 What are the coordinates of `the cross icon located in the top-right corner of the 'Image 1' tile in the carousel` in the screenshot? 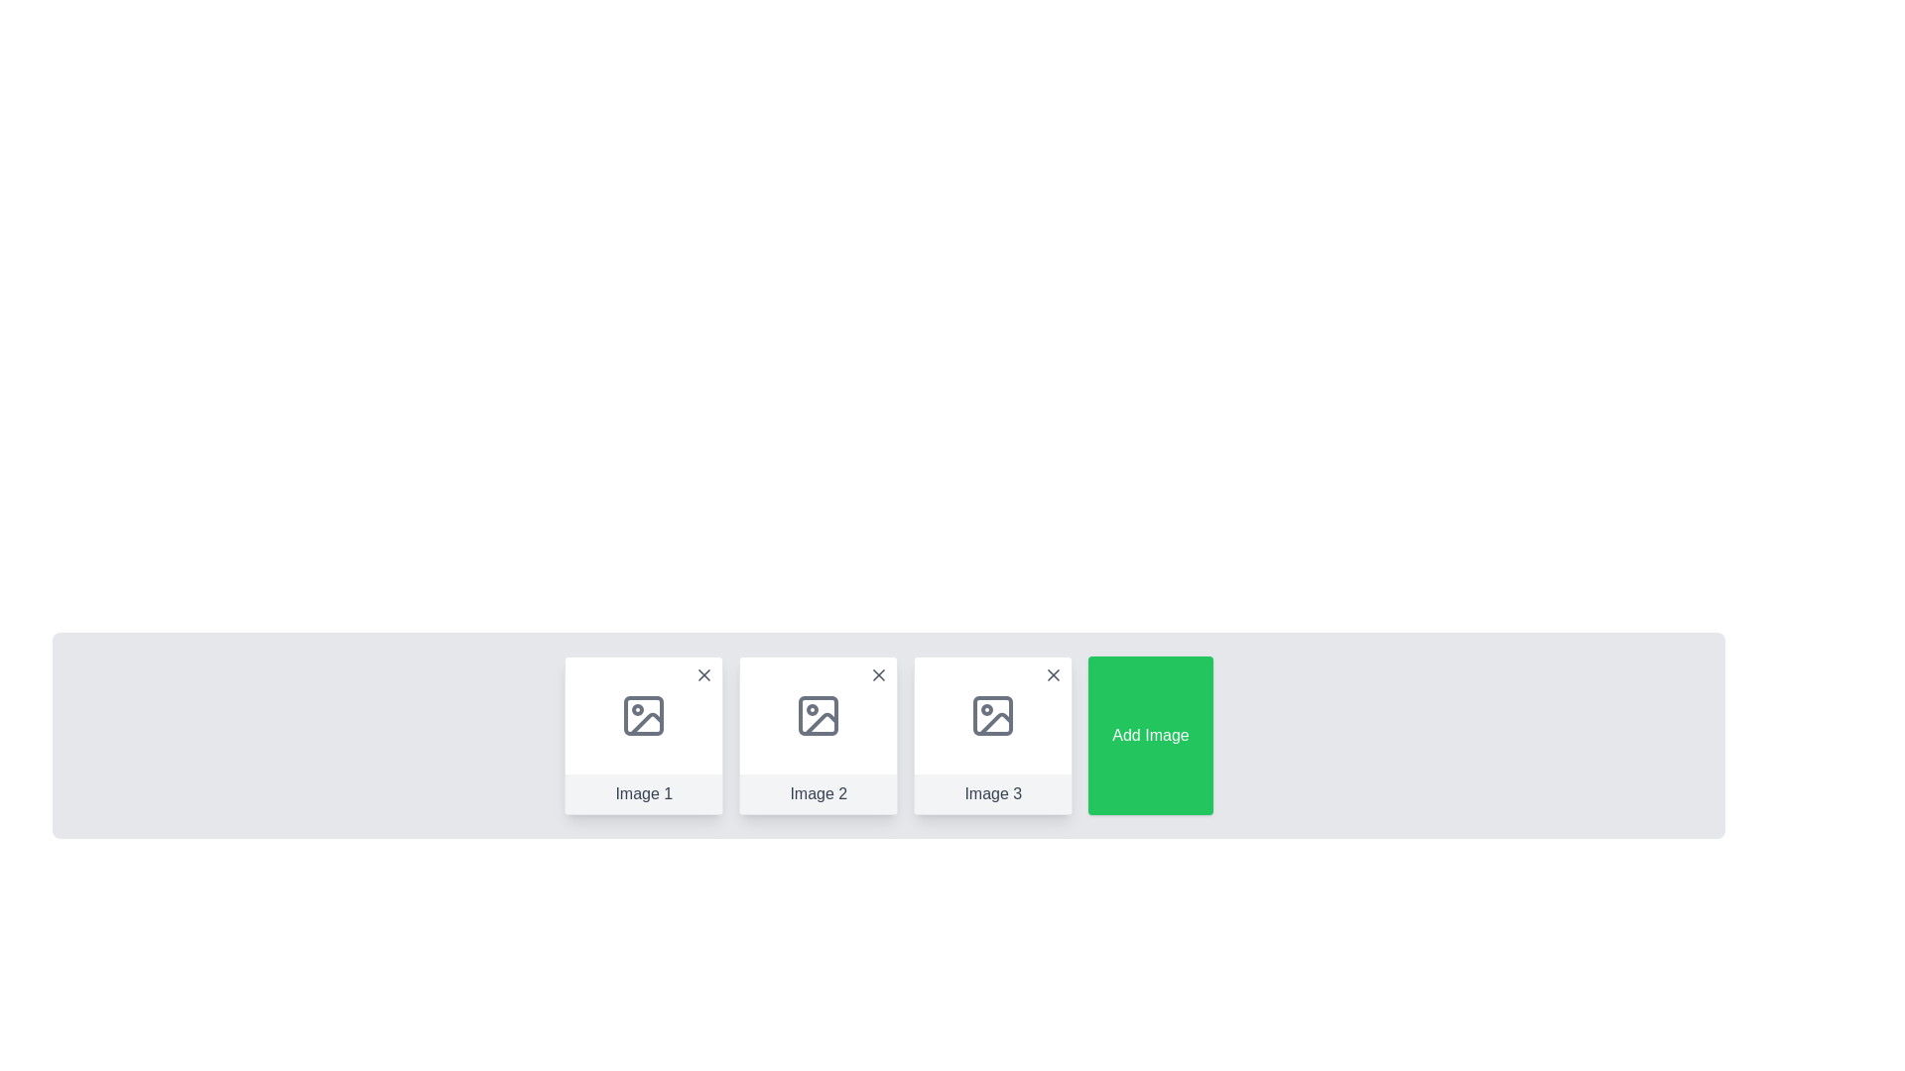 It's located at (704, 674).